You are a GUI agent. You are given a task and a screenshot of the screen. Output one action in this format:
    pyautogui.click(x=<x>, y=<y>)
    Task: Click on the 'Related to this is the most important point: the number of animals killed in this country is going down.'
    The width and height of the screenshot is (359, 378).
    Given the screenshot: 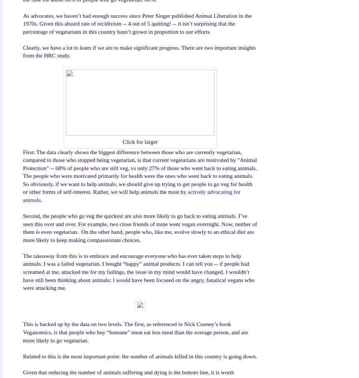 What is the action you would take?
    pyautogui.click(x=139, y=355)
    